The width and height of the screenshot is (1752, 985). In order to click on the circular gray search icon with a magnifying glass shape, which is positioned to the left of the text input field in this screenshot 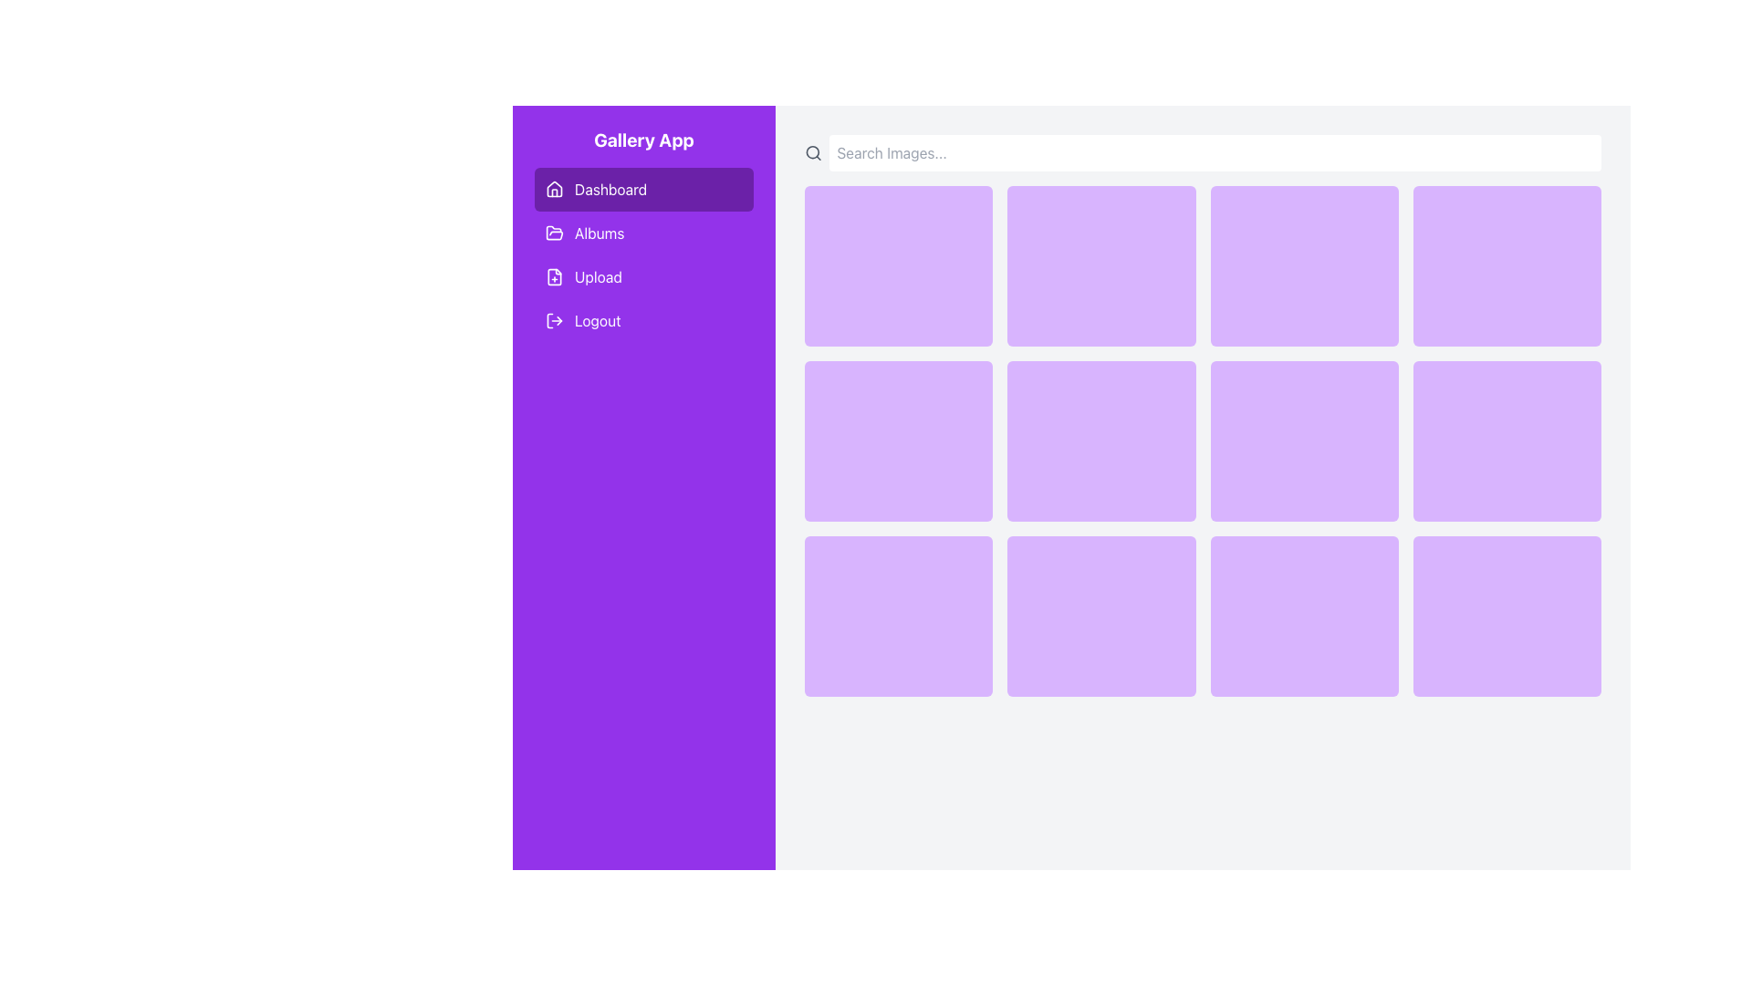, I will do `click(812, 152)`.